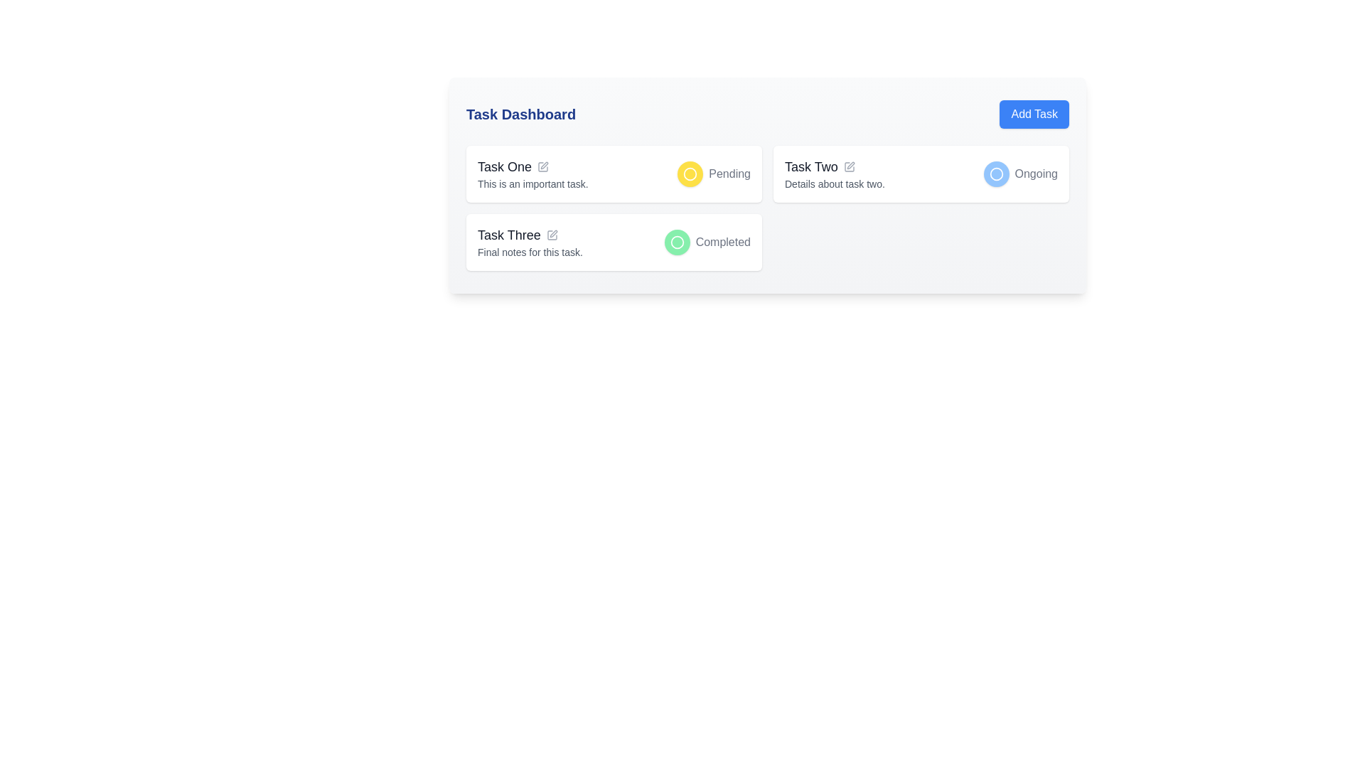 The width and height of the screenshot is (1365, 768). What do you see at coordinates (707, 241) in the screenshot?
I see `status information from the status indicator for 'Task Three', which is visually signifying the task as completed and is located in the lower row of the task list, aligned to the right of the label 'Task Three'` at bounding box center [707, 241].